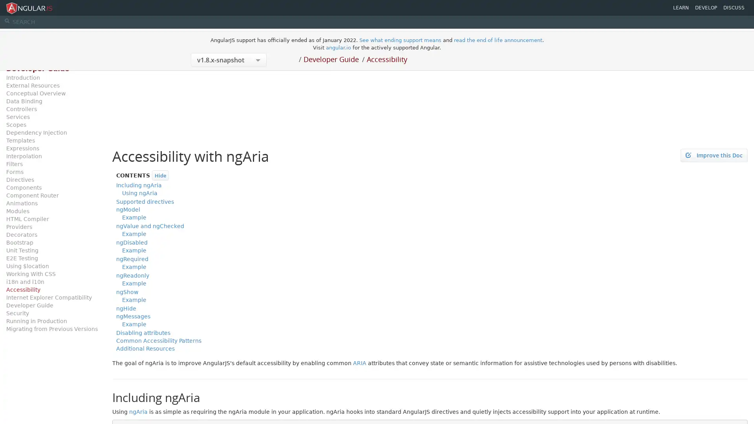  Describe the element at coordinates (160, 175) in the screenshot. I see `Hide` at that location.